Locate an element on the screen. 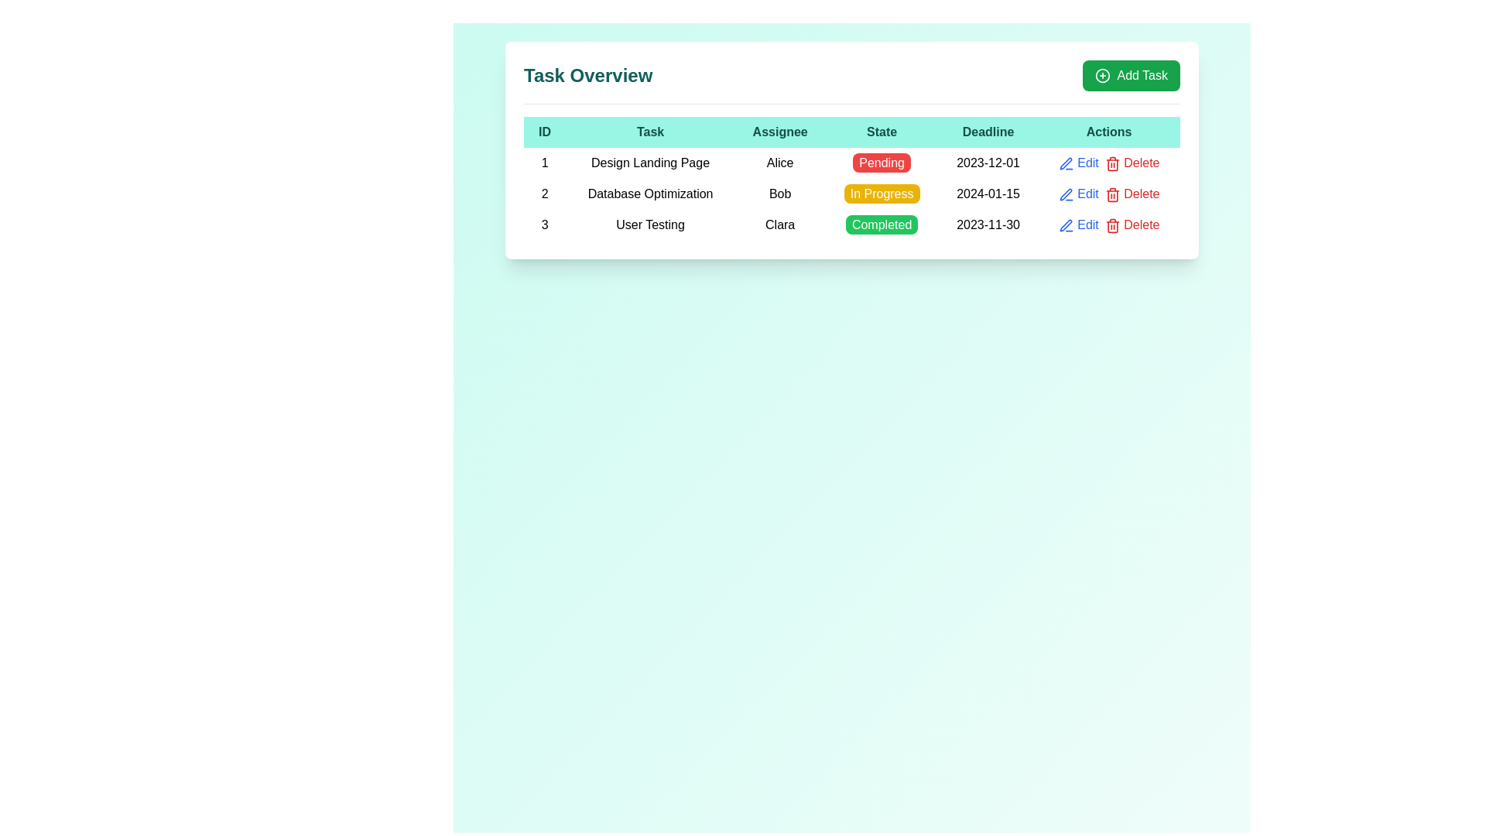 The width and height of the screenshot is (1486, 836). the rounded rectangular badge with a yellow background and white text that displays 'In Progress', located in the 'State' column of the second row in the 'Task Overview' section, aligned with the 'Database Optimization' task and 'Bob' assignee is located at coordinates (882, 193).